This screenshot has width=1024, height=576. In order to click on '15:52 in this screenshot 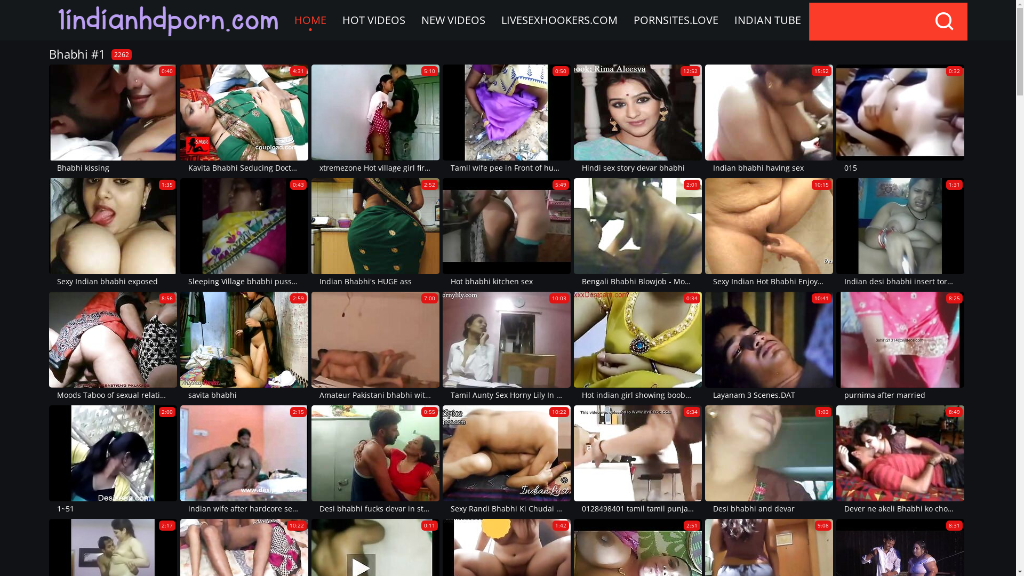, I will do `click(769, 119)`.